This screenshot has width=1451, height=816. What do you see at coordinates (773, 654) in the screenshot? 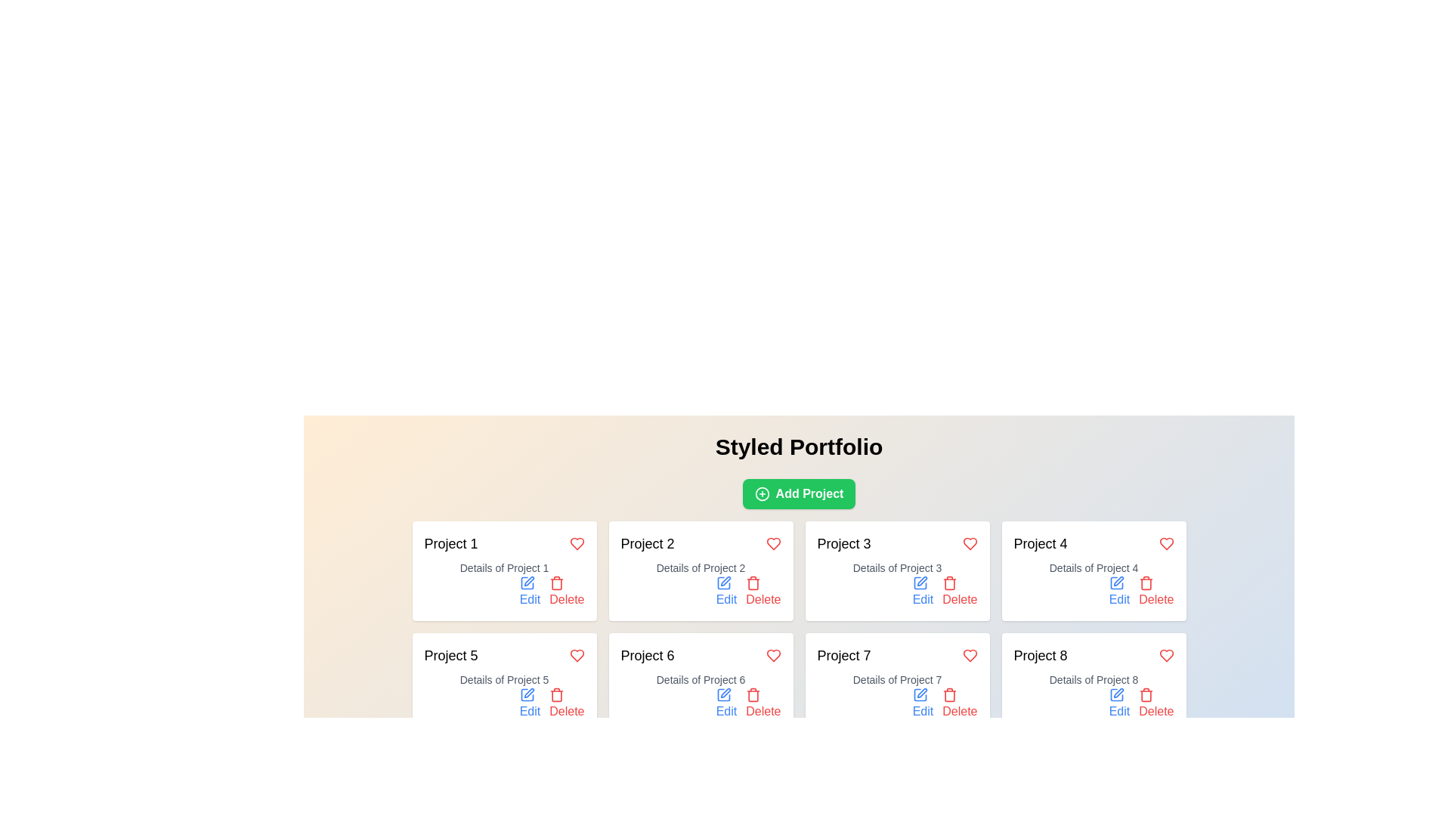
I see `the heart-shaped icon button in the top-right corner of the 'Project 6' card to mark the project as liked or unliked` at bounding box center [773, 654].